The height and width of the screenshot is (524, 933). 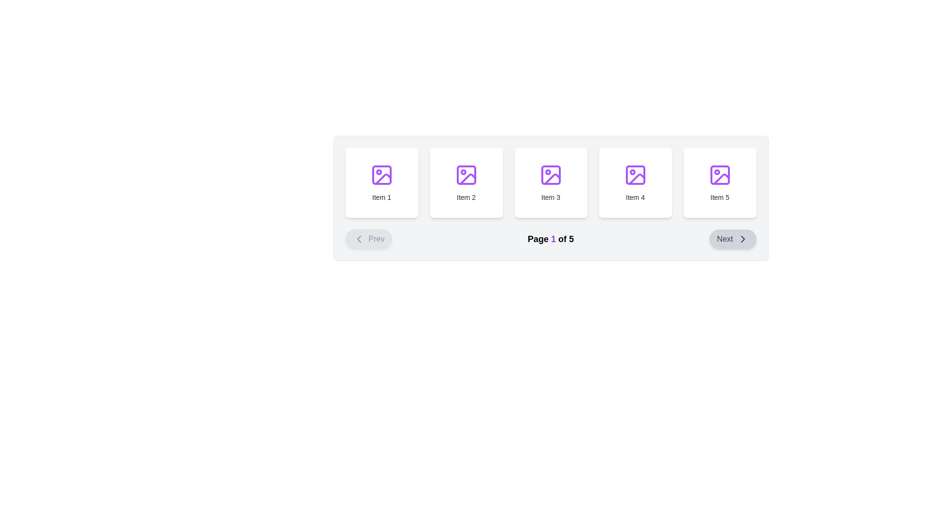 What do you see at coordinates (725, 239) in the screenshot?
I see `the 'Next' button by clicking on the 'Next' text label located at the bottom-right corner of the interface` at bounding box center [725, 239].